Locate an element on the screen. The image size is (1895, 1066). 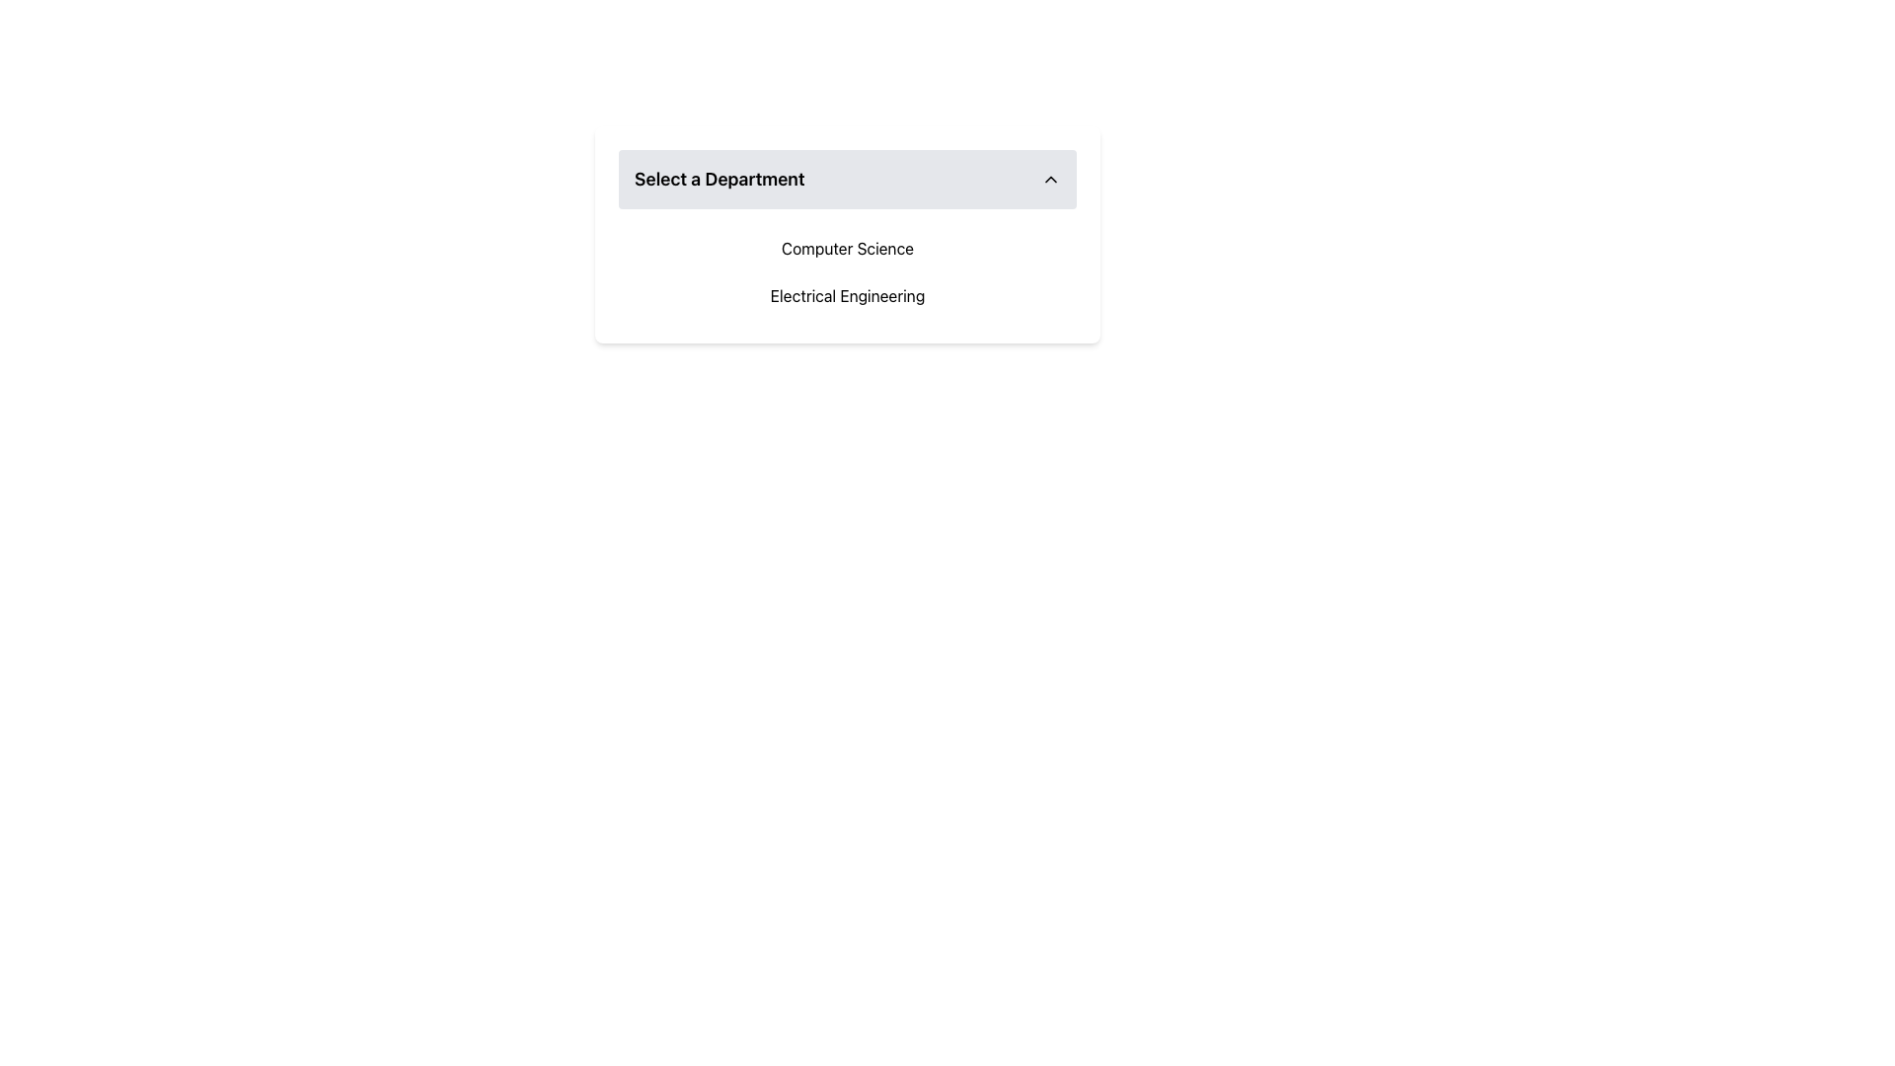
the upward-pointing chevron icon located at the far-right of the 'Select a Department' rectangular box is located at coordinates (1050, 179).